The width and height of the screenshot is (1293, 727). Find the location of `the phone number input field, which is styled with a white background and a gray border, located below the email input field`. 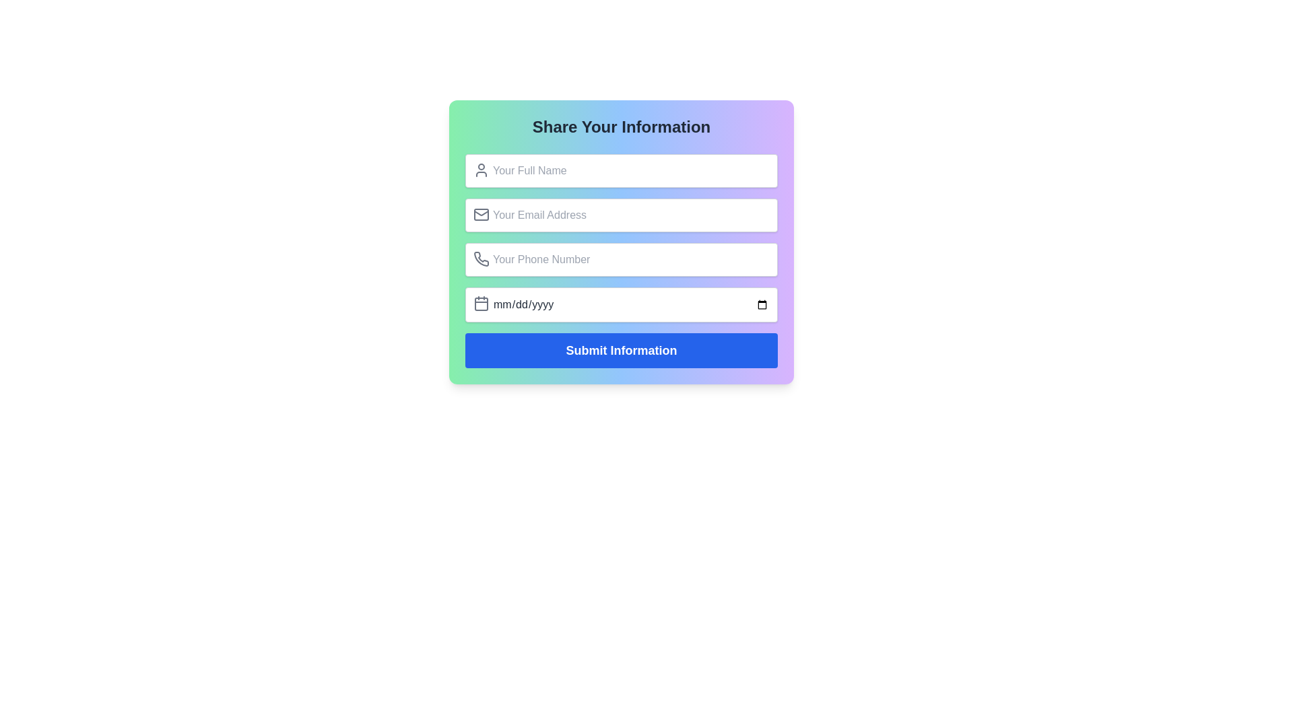

the phone number input field, which is styled with a white background and a gray border, located below the email input field is located at coordinates (620, 259).